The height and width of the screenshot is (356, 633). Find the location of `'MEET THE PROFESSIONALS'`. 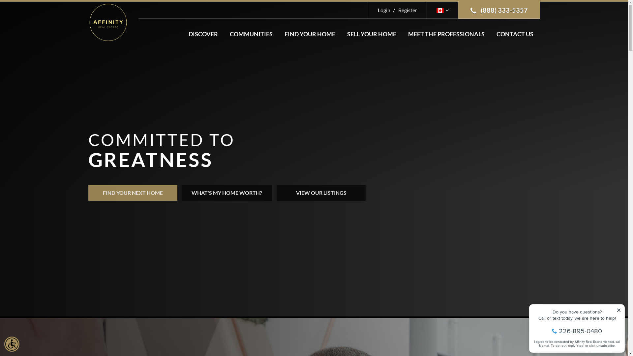

'MEET THE PROFESSIONALS' is located at coordinates (446, 34).